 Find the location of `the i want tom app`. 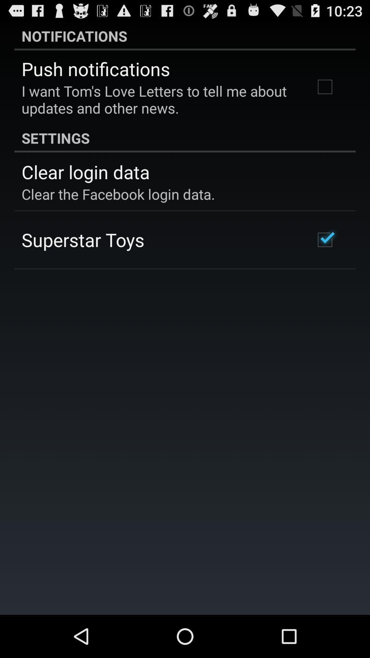

the i want tom app is located at coordinates (159, 99).